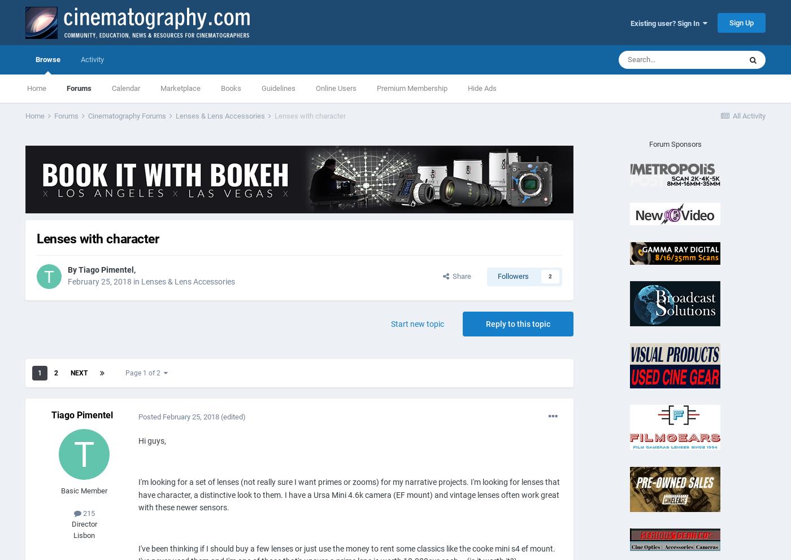 This screenshot has width=791, height=560. What do you see at coordinates (47, 59) in the screenshot?
I see `'Browse'` at bounding box center [47, 59].